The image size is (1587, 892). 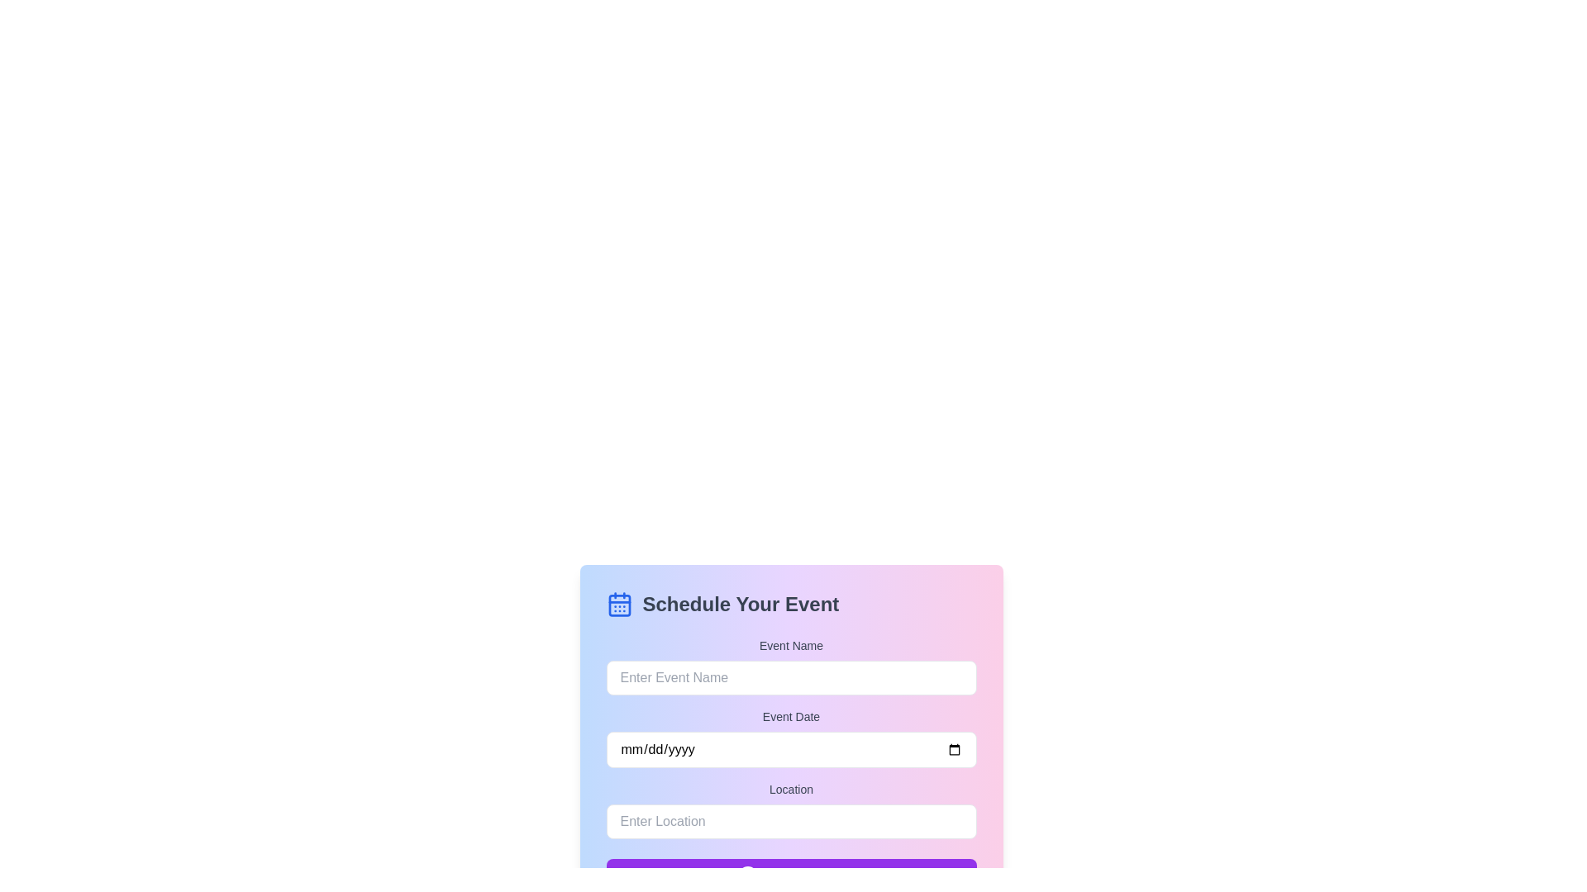 What do you see at coordinates (790, 715) in the screenshot?
I see `the text label 'Event Date' which provides a description for the date input field in the form under the heading 'Schedule Your Event'` at bounding box center [790, 715].